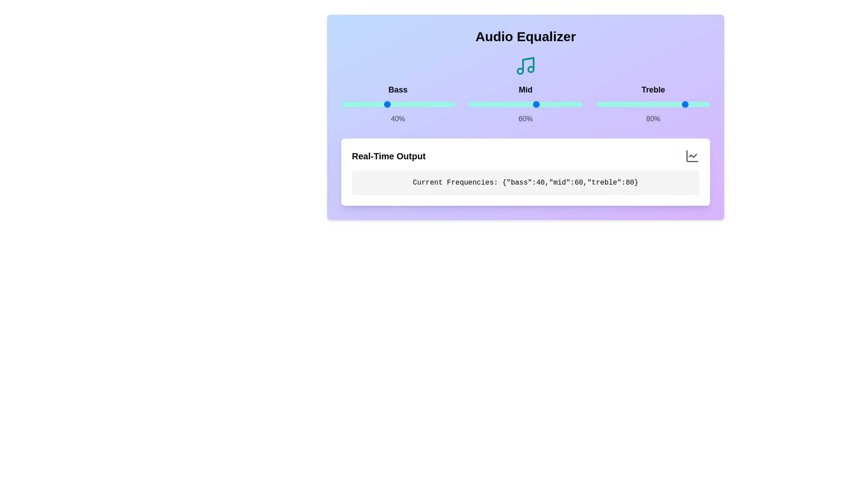 This screenshot has width=851, height=478. Describe the element at coordinates (630, 104) in the screenshot. I see `the 'Treble' slider` at that location.